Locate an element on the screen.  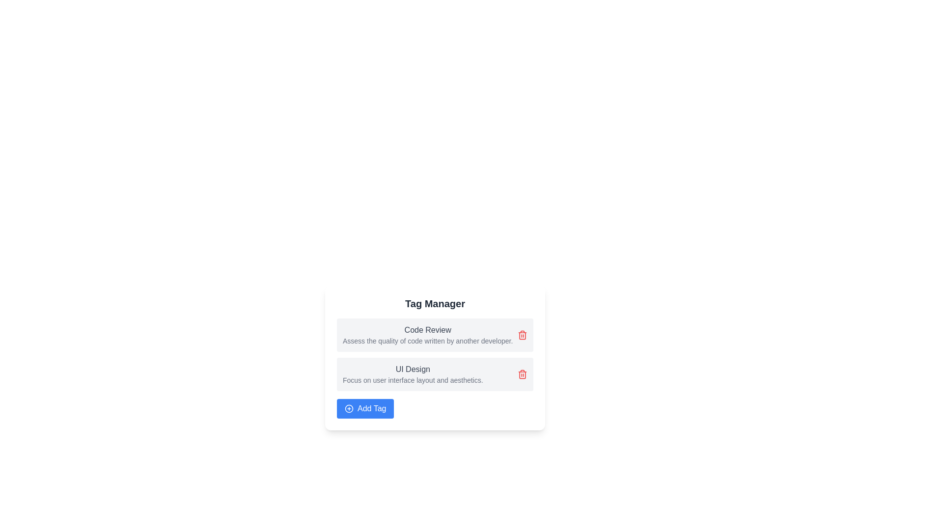
the header text element at the top of the first entry in the 'Tag Manager' card, which summarizes the content of the entry is located at coordinates (428, 330).